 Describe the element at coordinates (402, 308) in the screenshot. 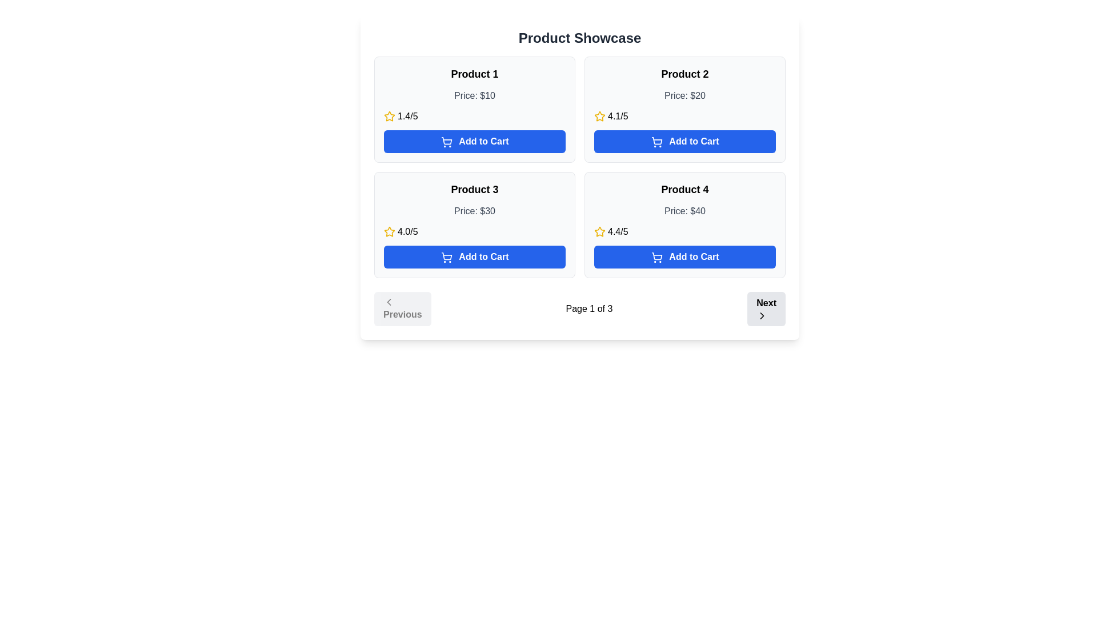

I see `the leftmost button in the navigation bar at the bottom of the interface` at that location.